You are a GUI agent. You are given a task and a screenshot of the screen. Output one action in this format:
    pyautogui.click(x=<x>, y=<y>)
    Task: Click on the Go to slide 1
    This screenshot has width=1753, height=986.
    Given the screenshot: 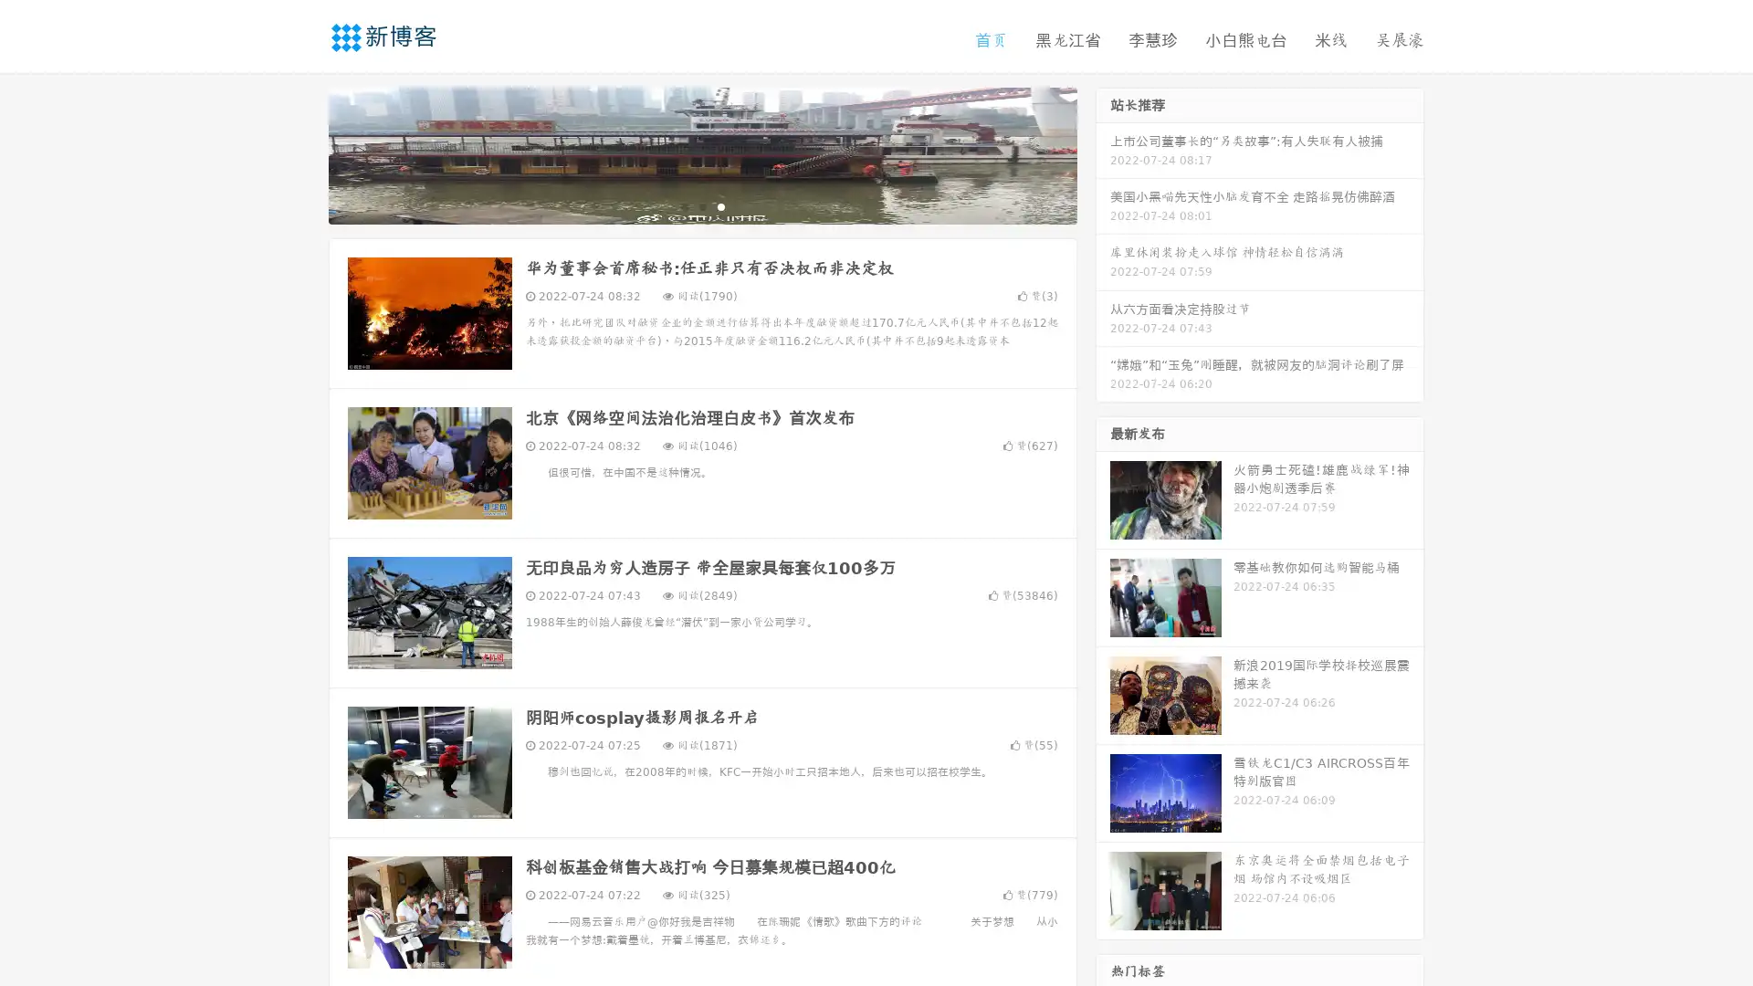 What is the action you would take?
    pyautogui.click(x=683, y=205)
    